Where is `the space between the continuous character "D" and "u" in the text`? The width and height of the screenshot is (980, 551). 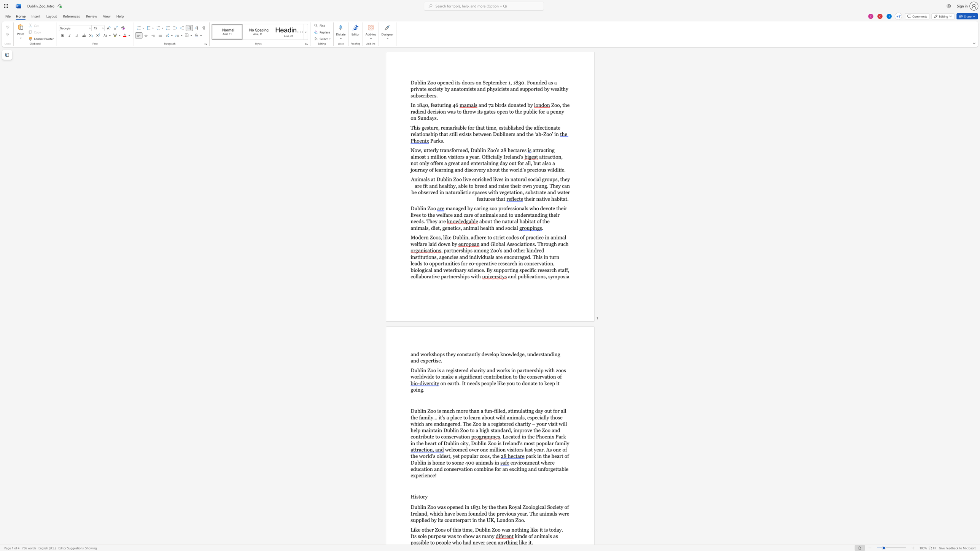
the space between the continuous character "D" and "u" in the text is located at coordinates (414, 507).